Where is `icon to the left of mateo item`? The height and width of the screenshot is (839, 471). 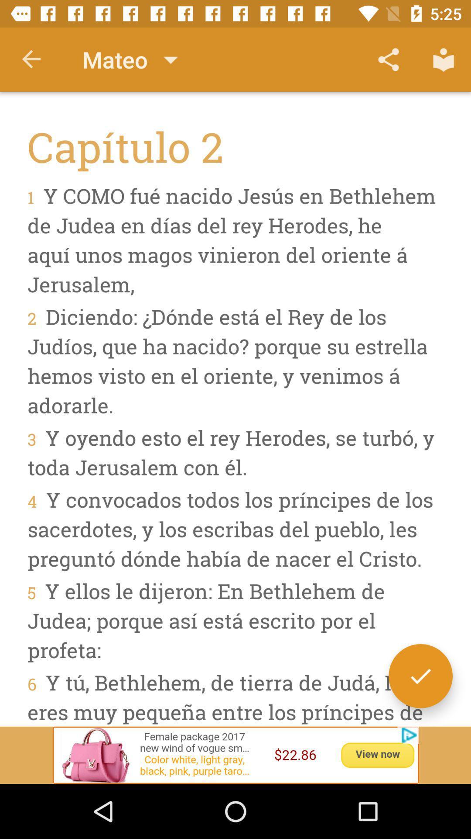 icon to the left of mateo item is located at coordinates (31, 59).